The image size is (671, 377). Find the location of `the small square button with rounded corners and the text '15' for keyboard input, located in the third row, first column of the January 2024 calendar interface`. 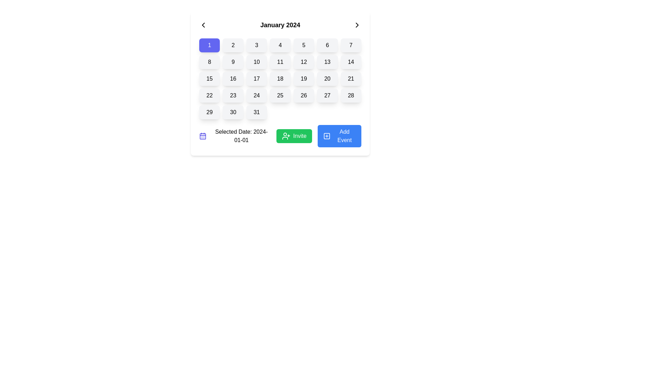

the small square button with rounded corners and the text '15' for keyboard input, located in the third row, first column of the January 2024 calendar interface is located at coordinates (209, 79).